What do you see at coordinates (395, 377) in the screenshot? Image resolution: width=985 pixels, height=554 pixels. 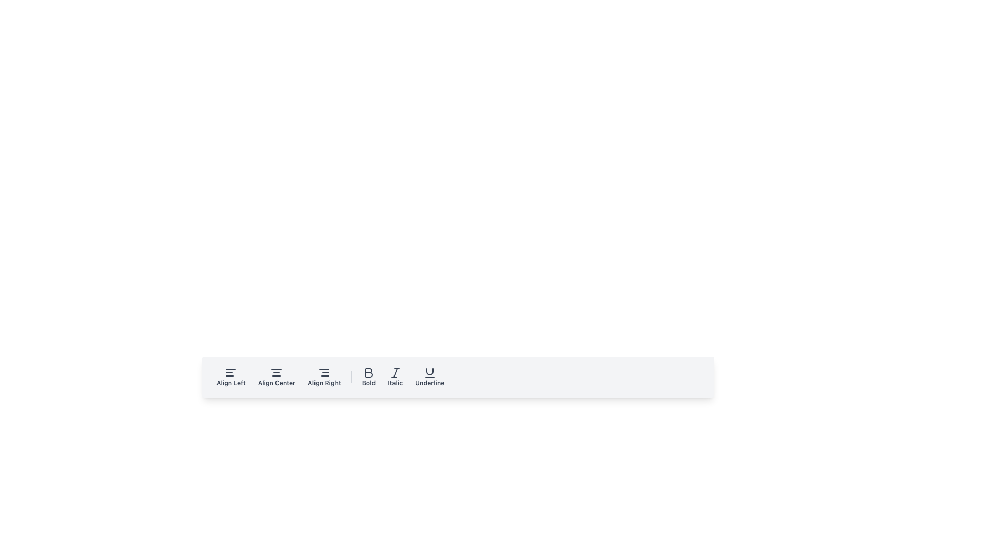 I see `the 'Italic' button in the toolbar` at bounding box center [395, 377].